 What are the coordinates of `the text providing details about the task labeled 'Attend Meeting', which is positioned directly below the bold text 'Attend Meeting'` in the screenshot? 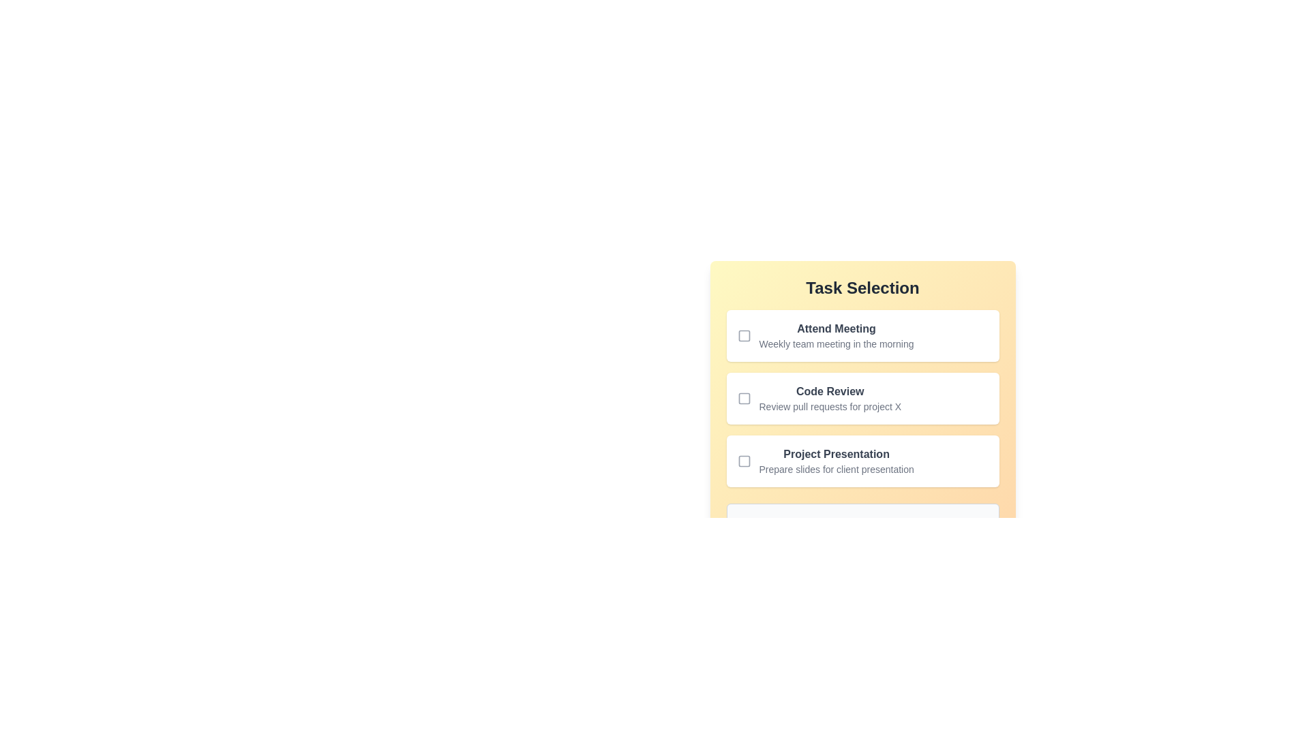 It's located at (836, 343).